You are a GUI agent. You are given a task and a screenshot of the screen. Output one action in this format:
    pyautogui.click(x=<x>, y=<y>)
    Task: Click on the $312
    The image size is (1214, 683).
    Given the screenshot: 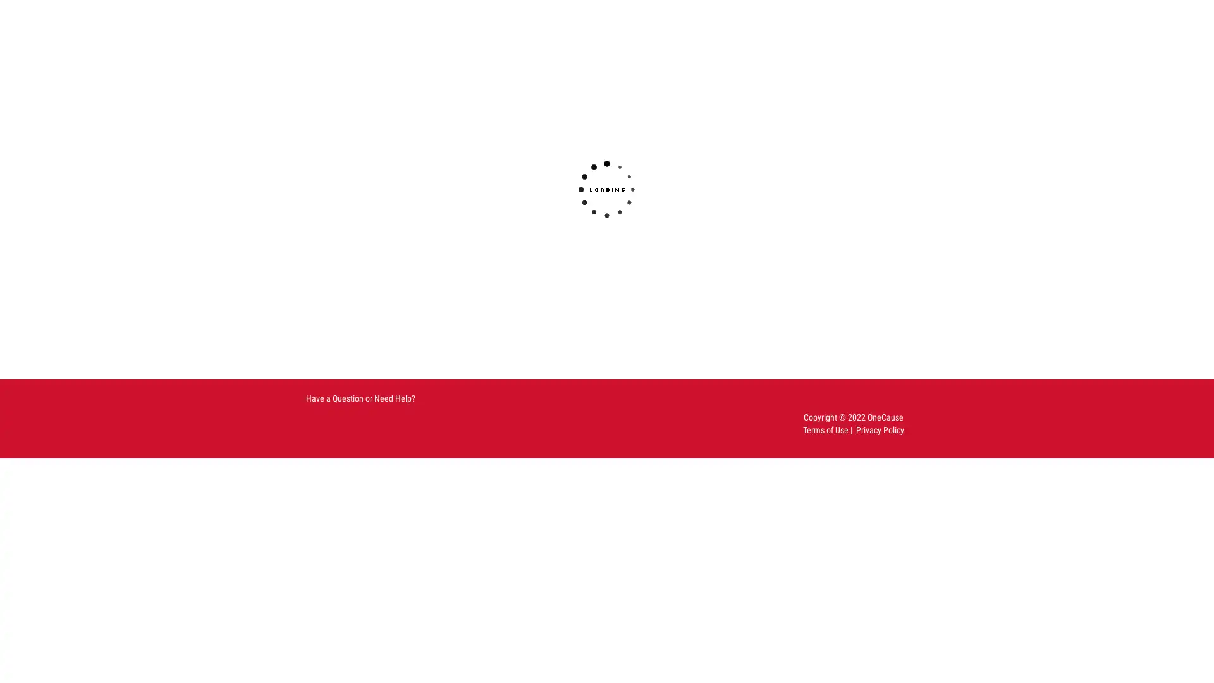 What is the action you would take?
    pyautogui.click(x=524, y=182)
    